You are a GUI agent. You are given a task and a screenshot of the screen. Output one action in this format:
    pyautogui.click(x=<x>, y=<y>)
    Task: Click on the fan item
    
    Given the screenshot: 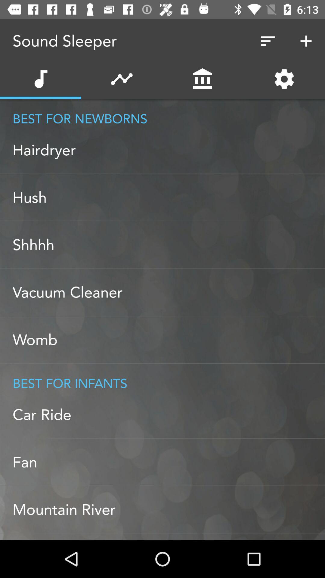 What is the action you would take?
    pyautogui.click(x=169, y=462)
    